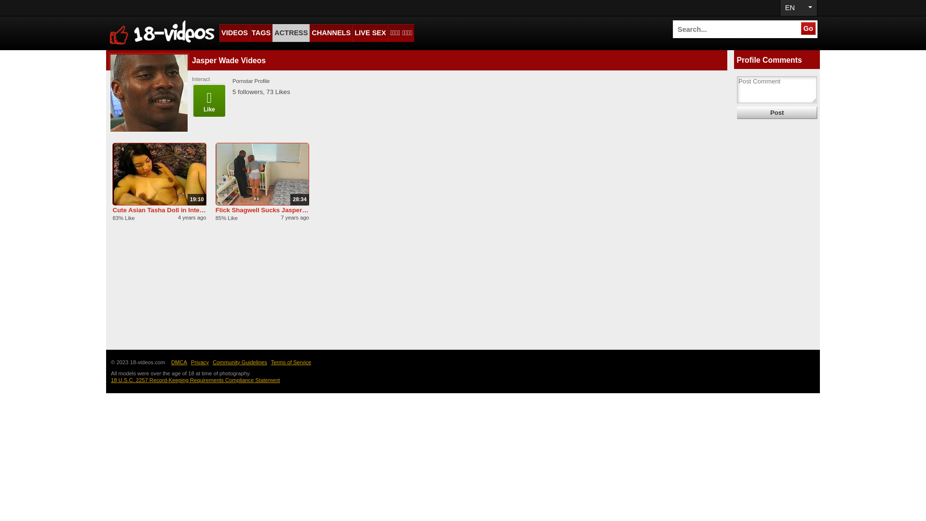 This screenshot has width=926, height=521. Describe the element at coordinates (180, 362) in the screenshot. I see `'DMCA'` at that location.